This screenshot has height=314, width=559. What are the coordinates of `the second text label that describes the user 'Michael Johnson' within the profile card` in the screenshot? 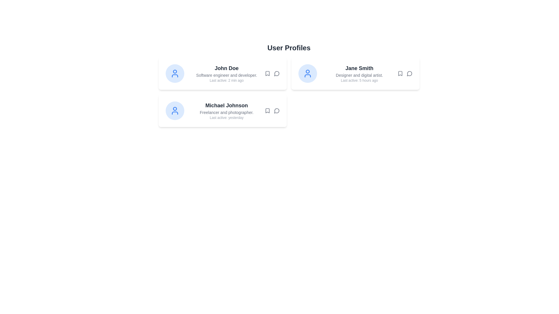 It's located at (226, 112).